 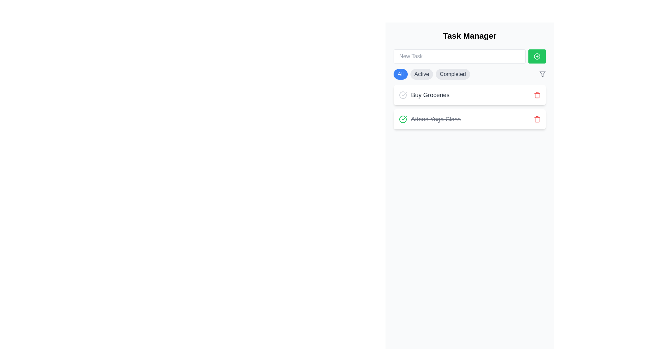 I want to click on the filter icon located at the far right of the toolbar, so click(x=542, y=74).